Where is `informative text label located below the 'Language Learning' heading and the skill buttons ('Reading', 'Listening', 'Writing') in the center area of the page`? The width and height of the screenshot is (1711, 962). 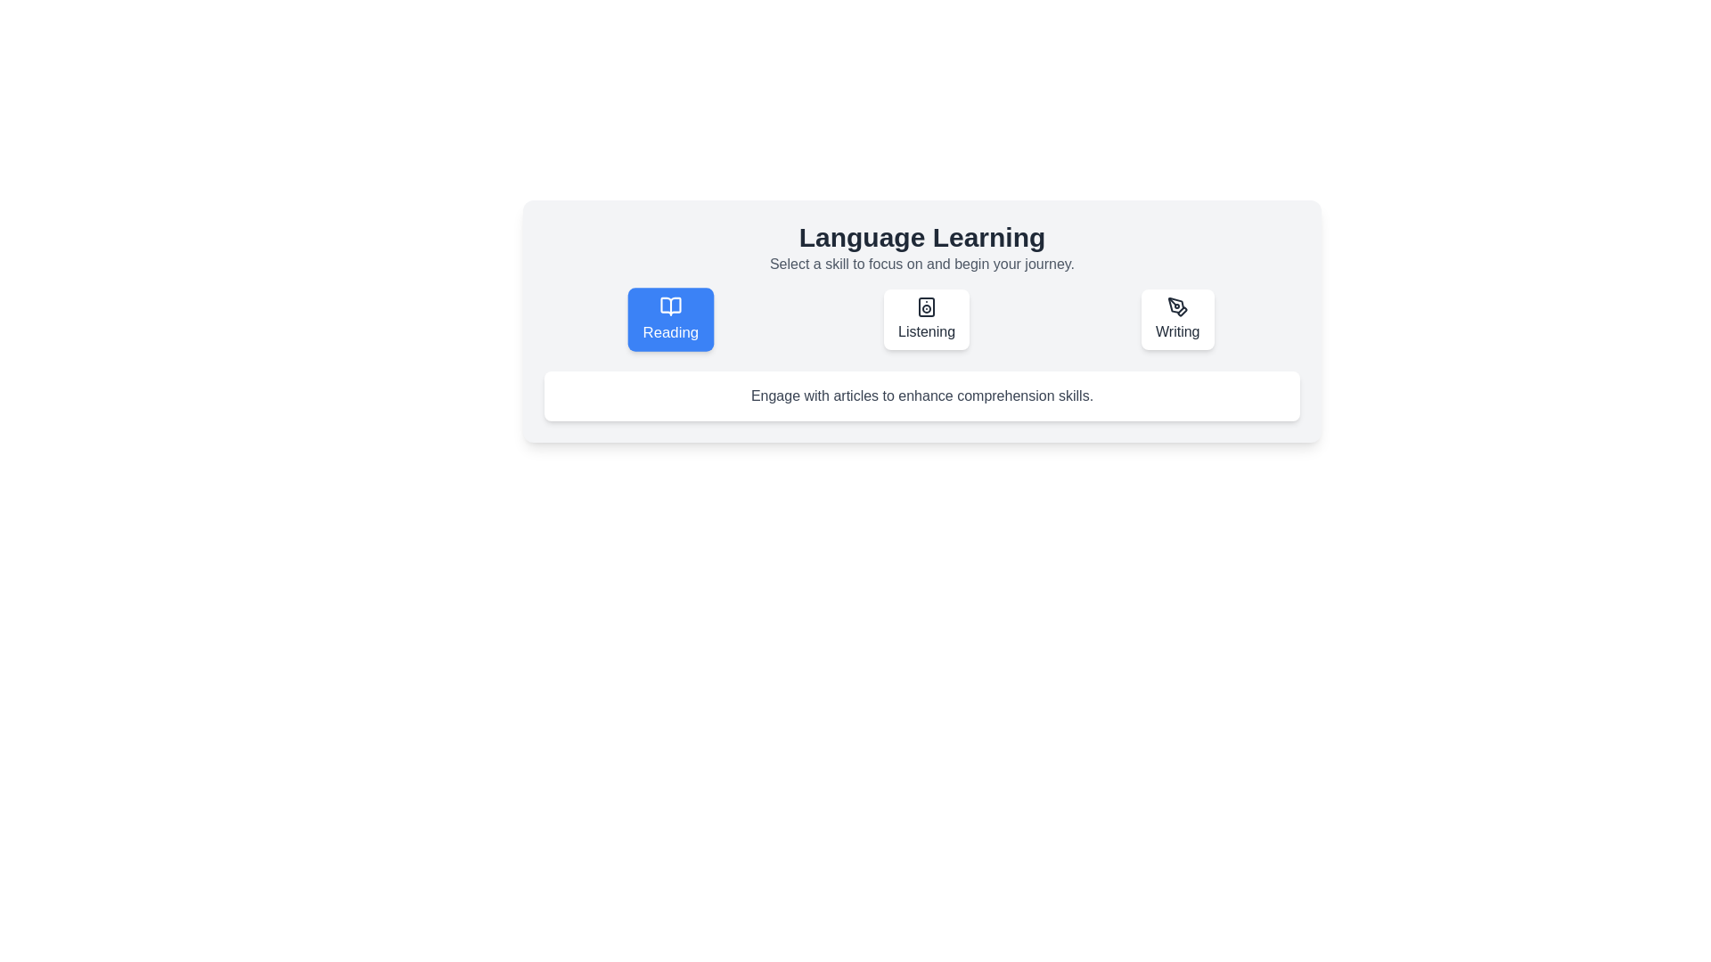 informative text label located below the 'Language Learning' heading and the skill buttons ('Reading', 'Listening', 'Writing') in the center area of the page is located at coordinates (922, 395).